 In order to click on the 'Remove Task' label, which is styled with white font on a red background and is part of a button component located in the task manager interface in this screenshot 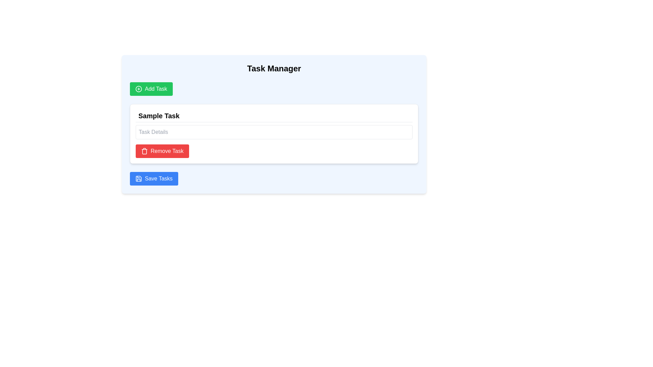, I will do `click(167, 151)`.